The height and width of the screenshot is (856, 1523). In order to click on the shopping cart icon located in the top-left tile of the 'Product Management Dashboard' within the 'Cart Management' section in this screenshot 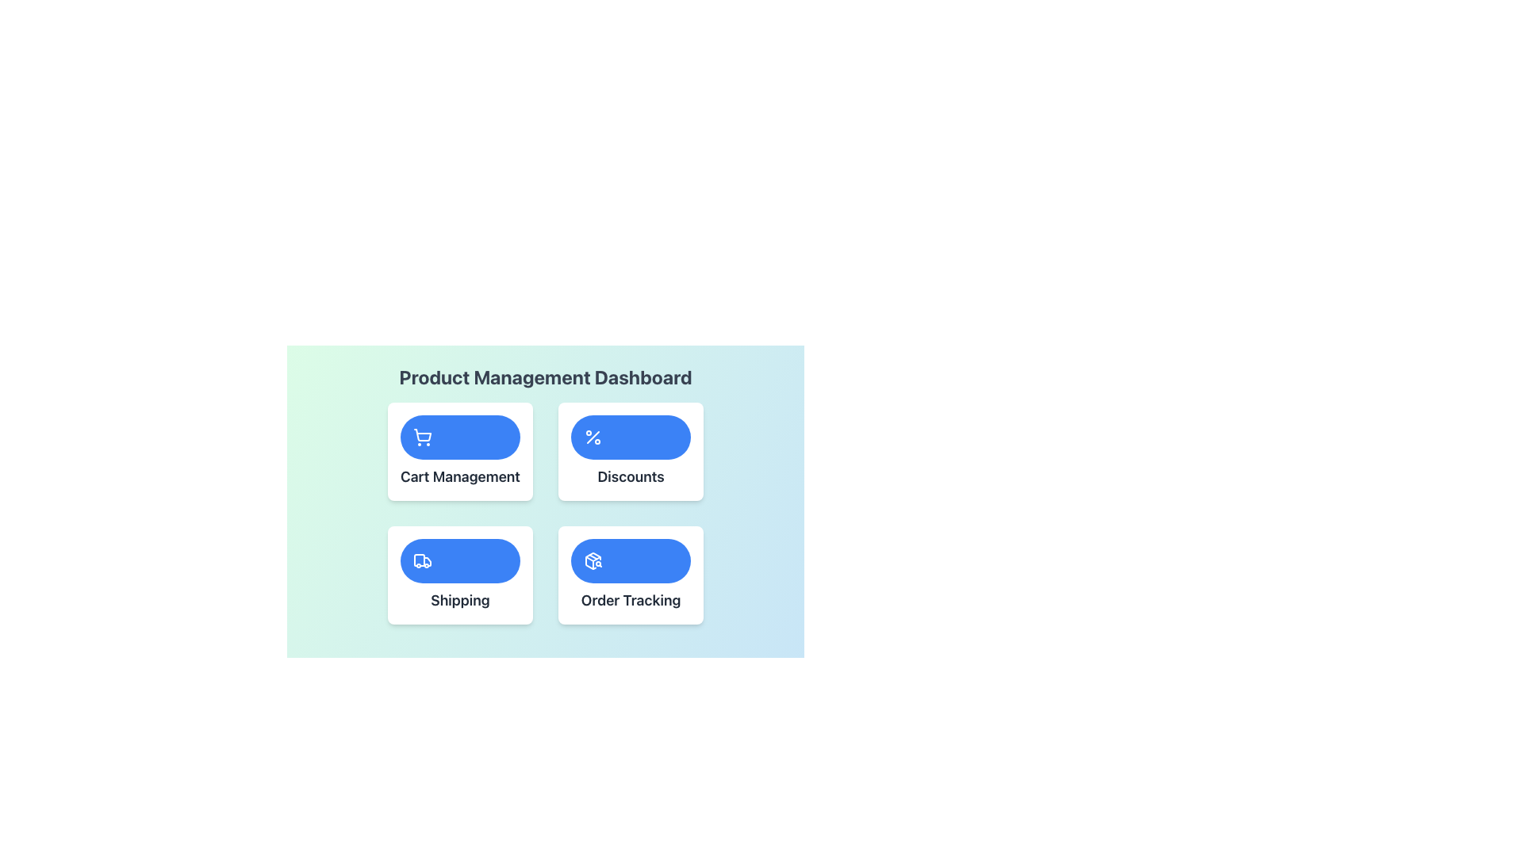, I will do `click(422, 435)`.